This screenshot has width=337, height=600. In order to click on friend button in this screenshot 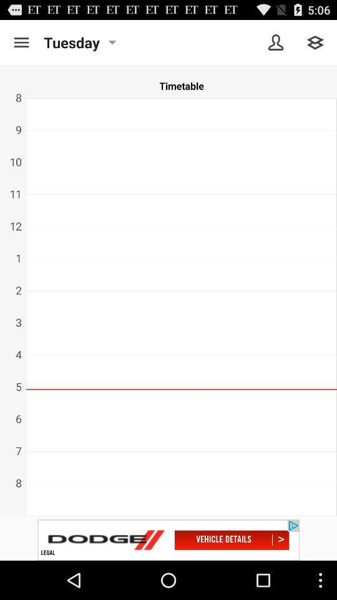, I will do `click(276, 42)`.